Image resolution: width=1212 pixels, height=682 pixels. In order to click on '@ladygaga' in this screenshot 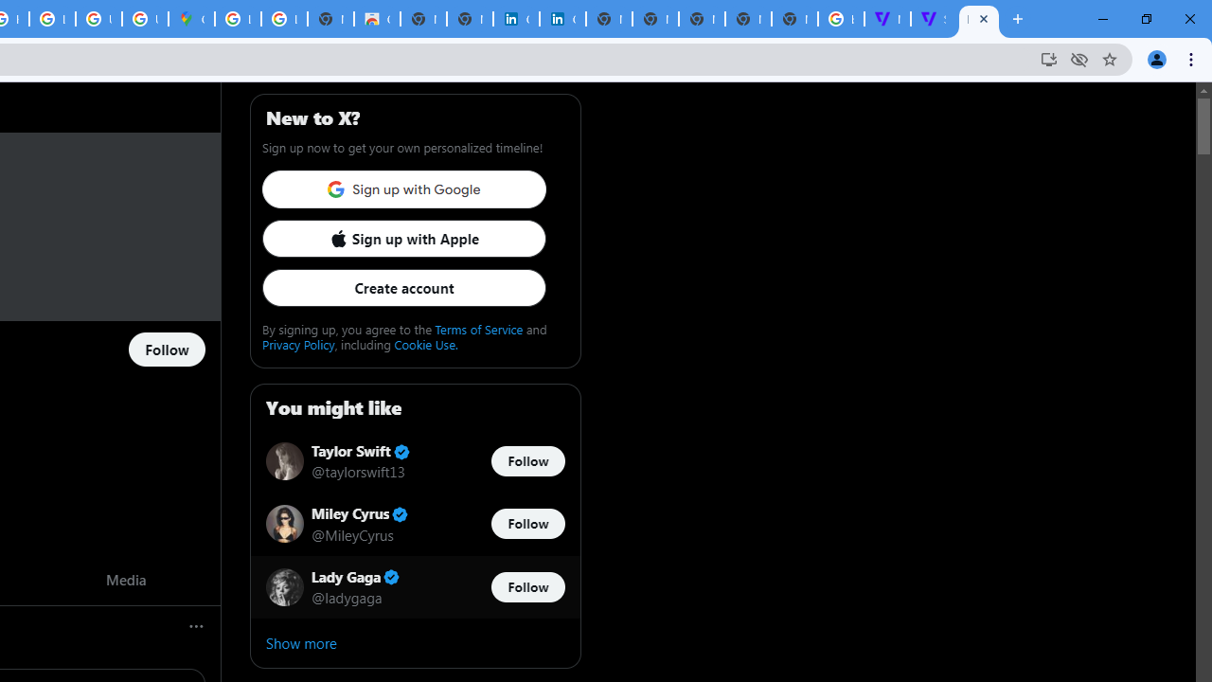, I will do `click(347, 597)`.